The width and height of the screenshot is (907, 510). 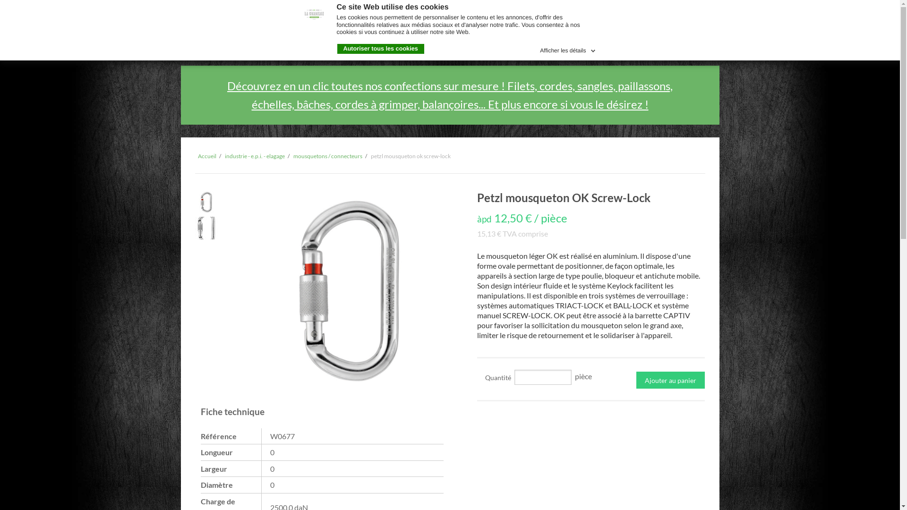 What do you see at coordinates (686, 46) in the screenshot?
I see `'Connexion'` at bounding box center [686, 46].